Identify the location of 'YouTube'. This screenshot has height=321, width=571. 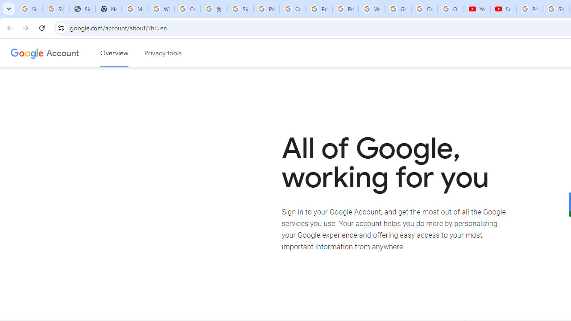
(476, 9).